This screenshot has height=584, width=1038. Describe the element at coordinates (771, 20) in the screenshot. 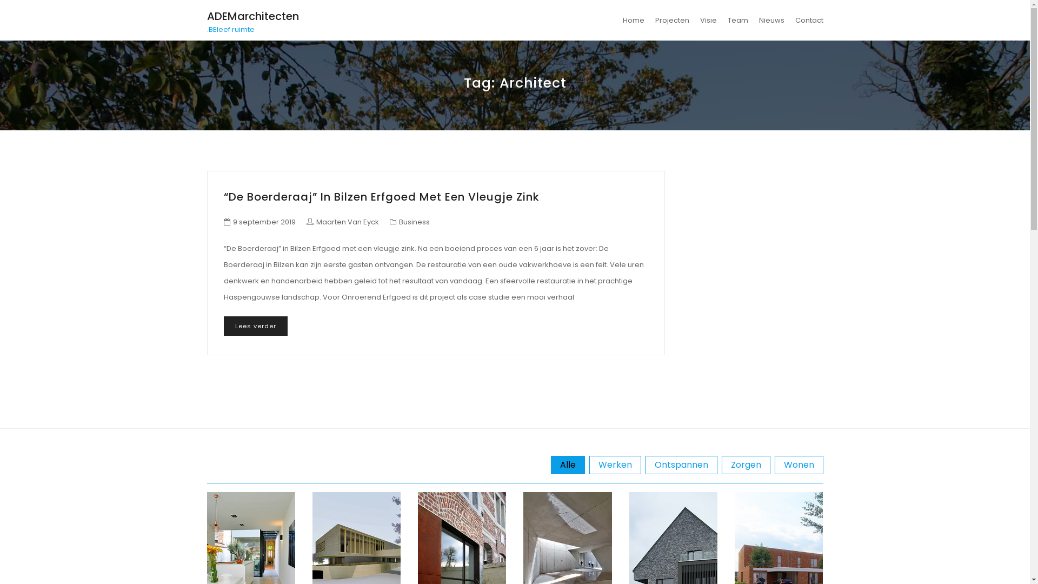

I see `'Nieuws'` at that location.